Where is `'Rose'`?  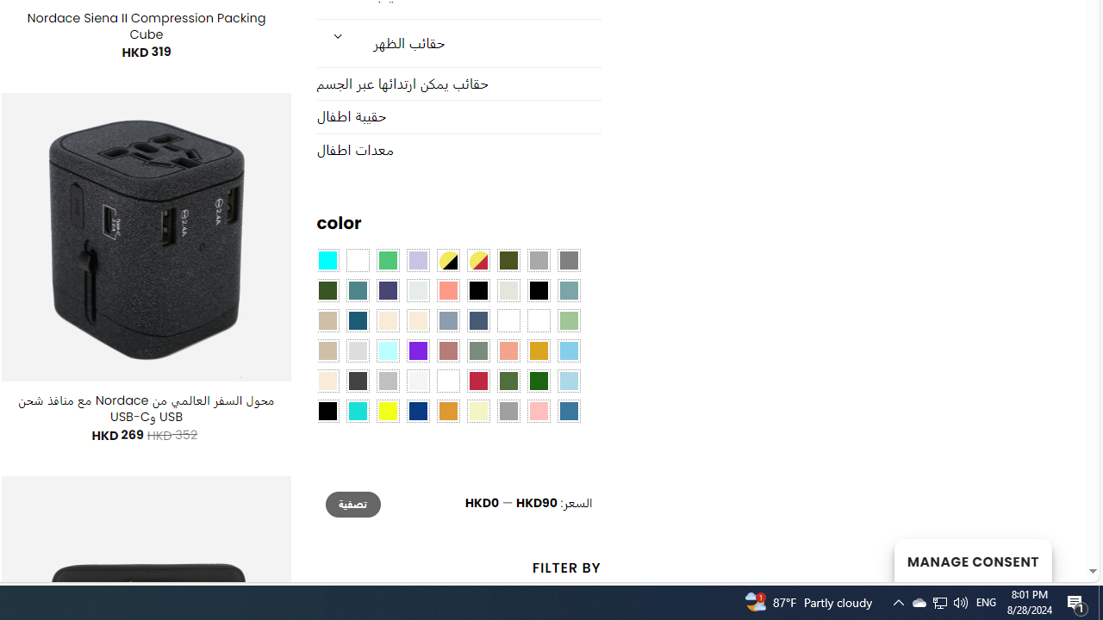 'Rose' is located at coordinates (447, 350).